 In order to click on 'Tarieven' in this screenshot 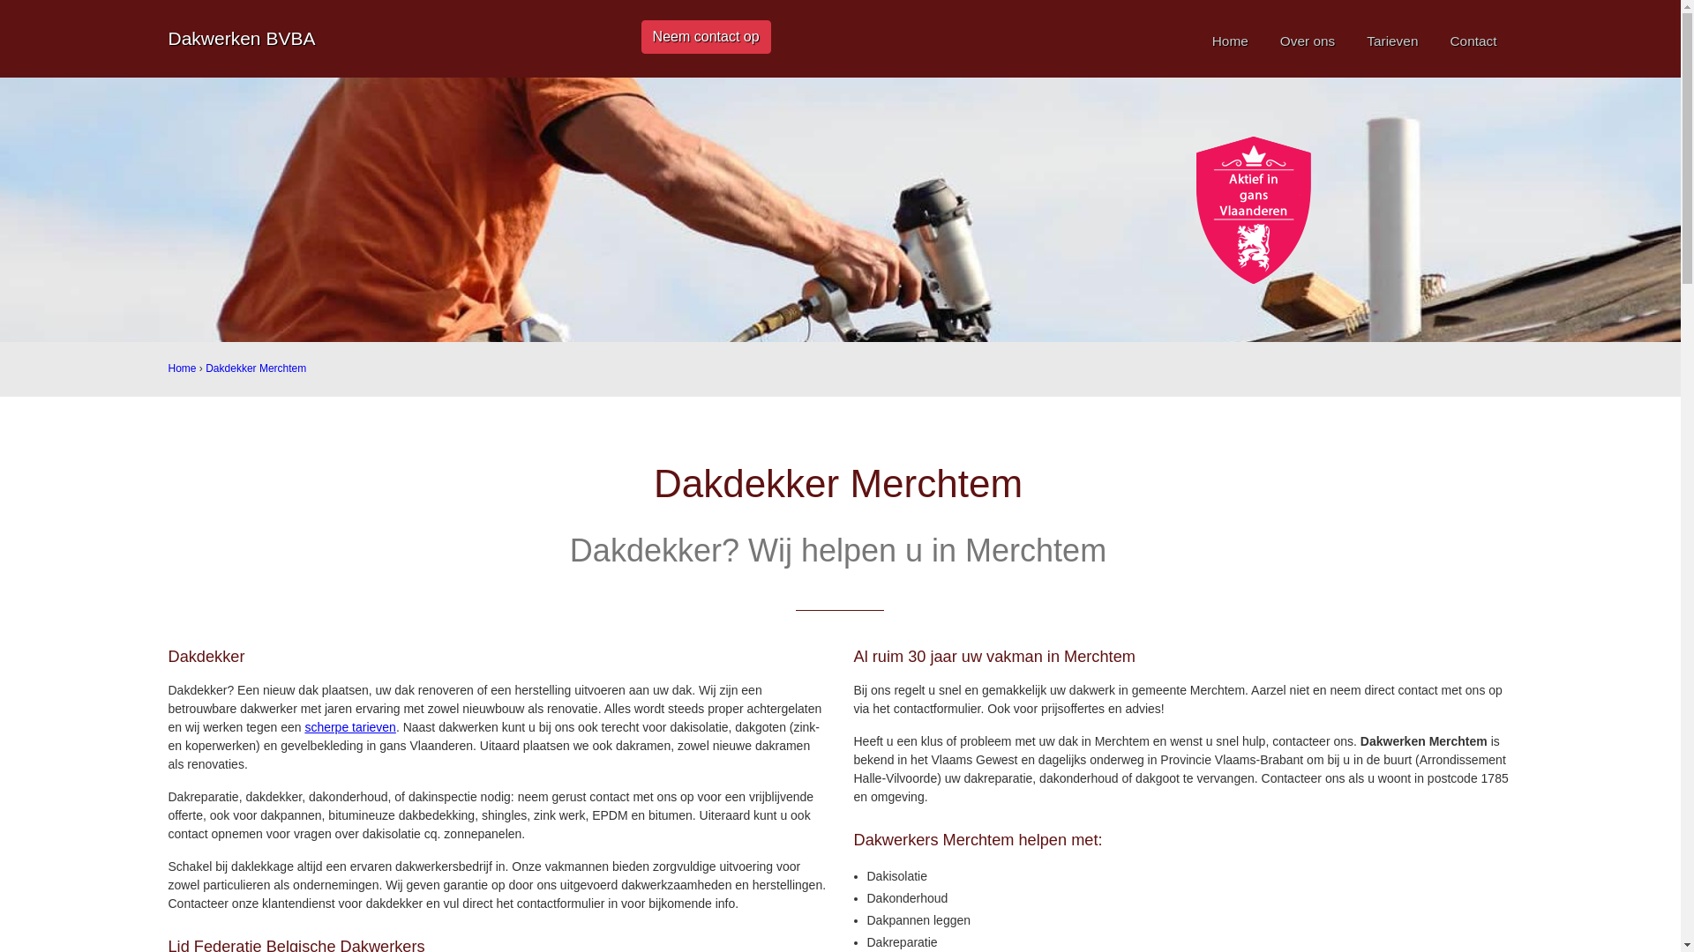, I will do `click(1391, 40)`.